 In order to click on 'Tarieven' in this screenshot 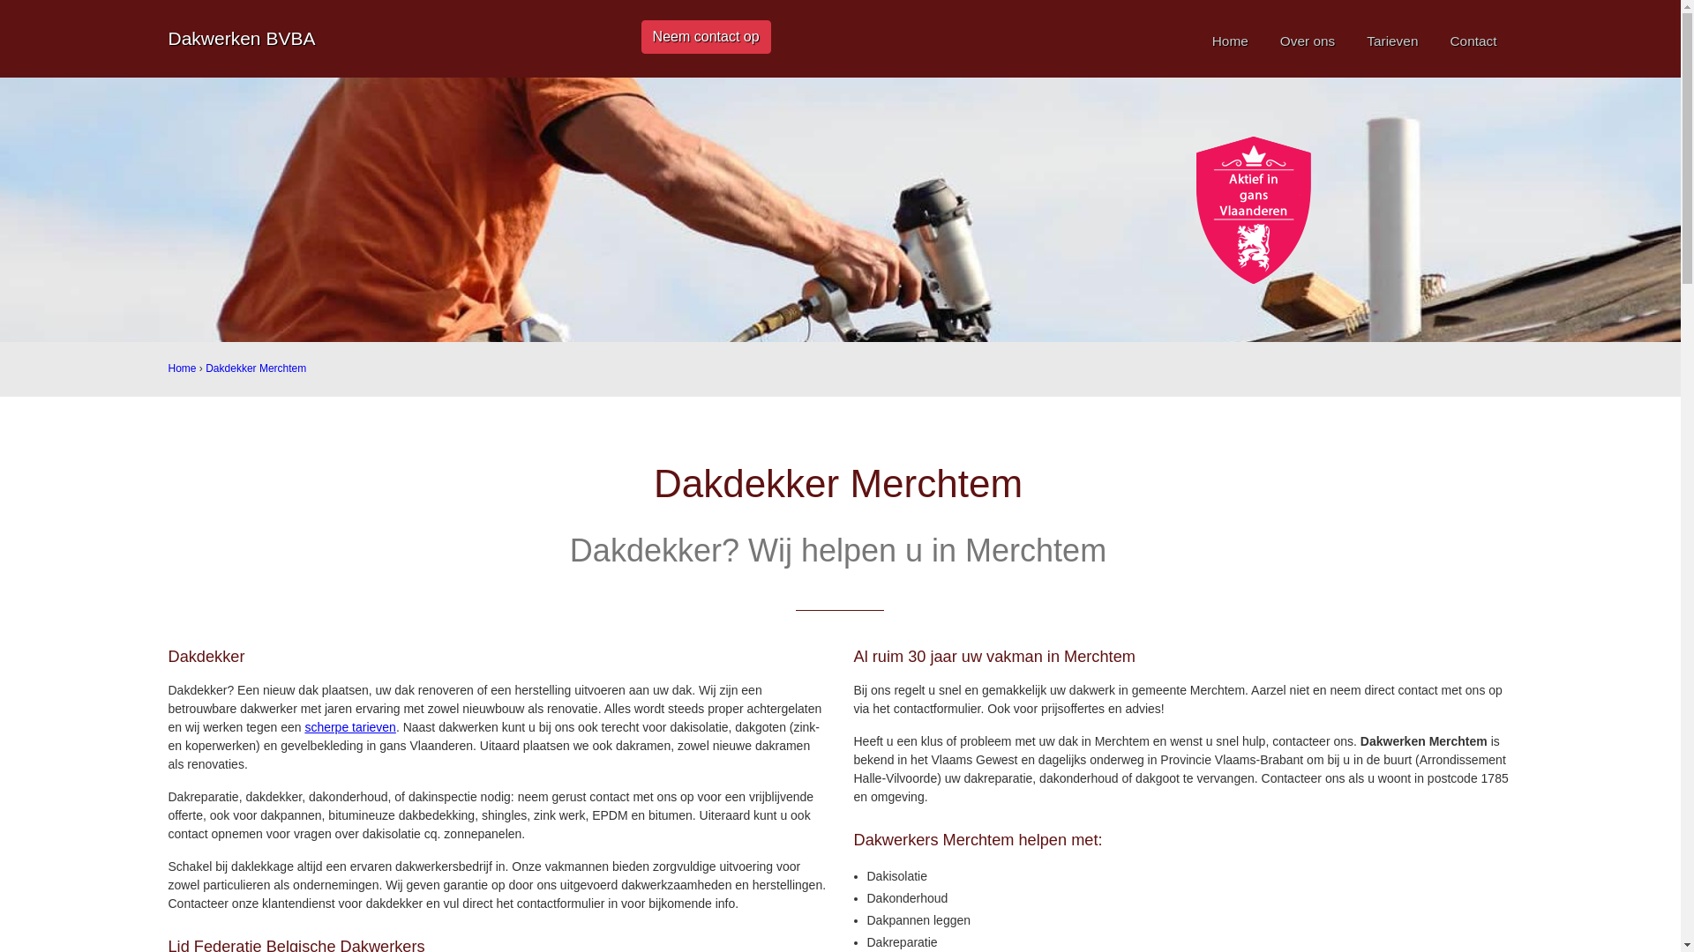, I will do `click(1391, 40)`.